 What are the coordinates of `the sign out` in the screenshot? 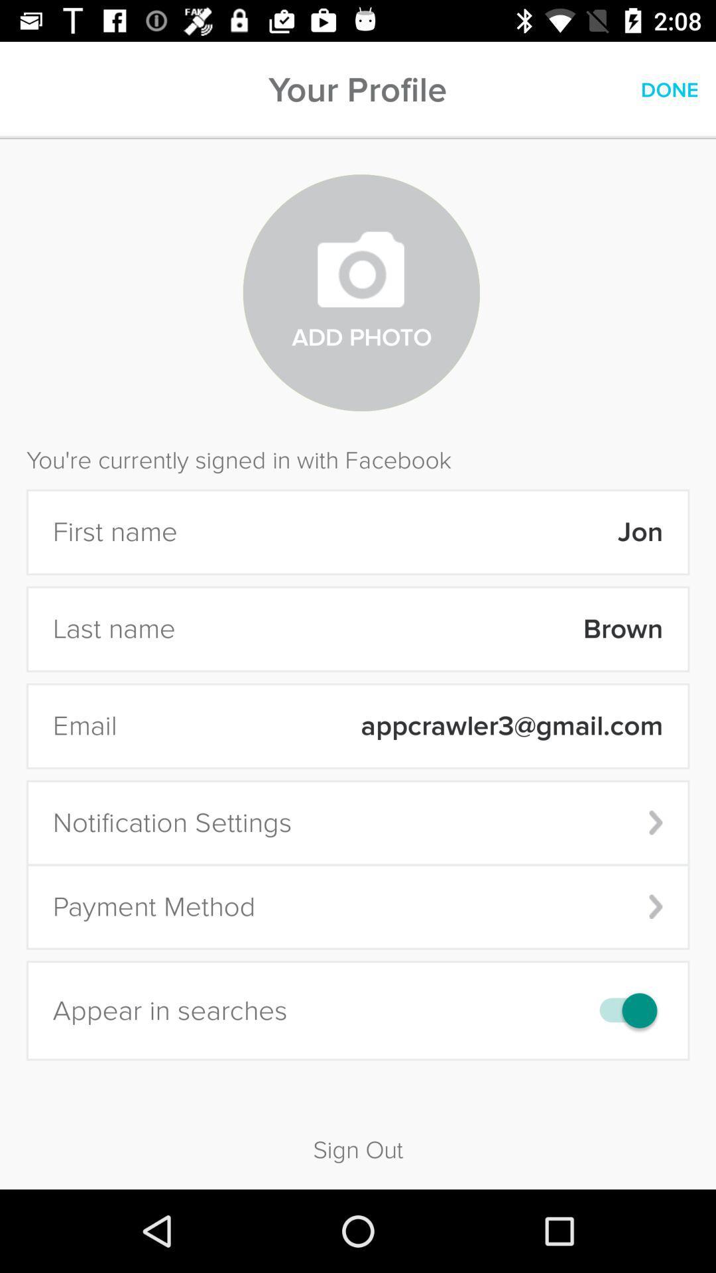 It's located at (358, 1126).